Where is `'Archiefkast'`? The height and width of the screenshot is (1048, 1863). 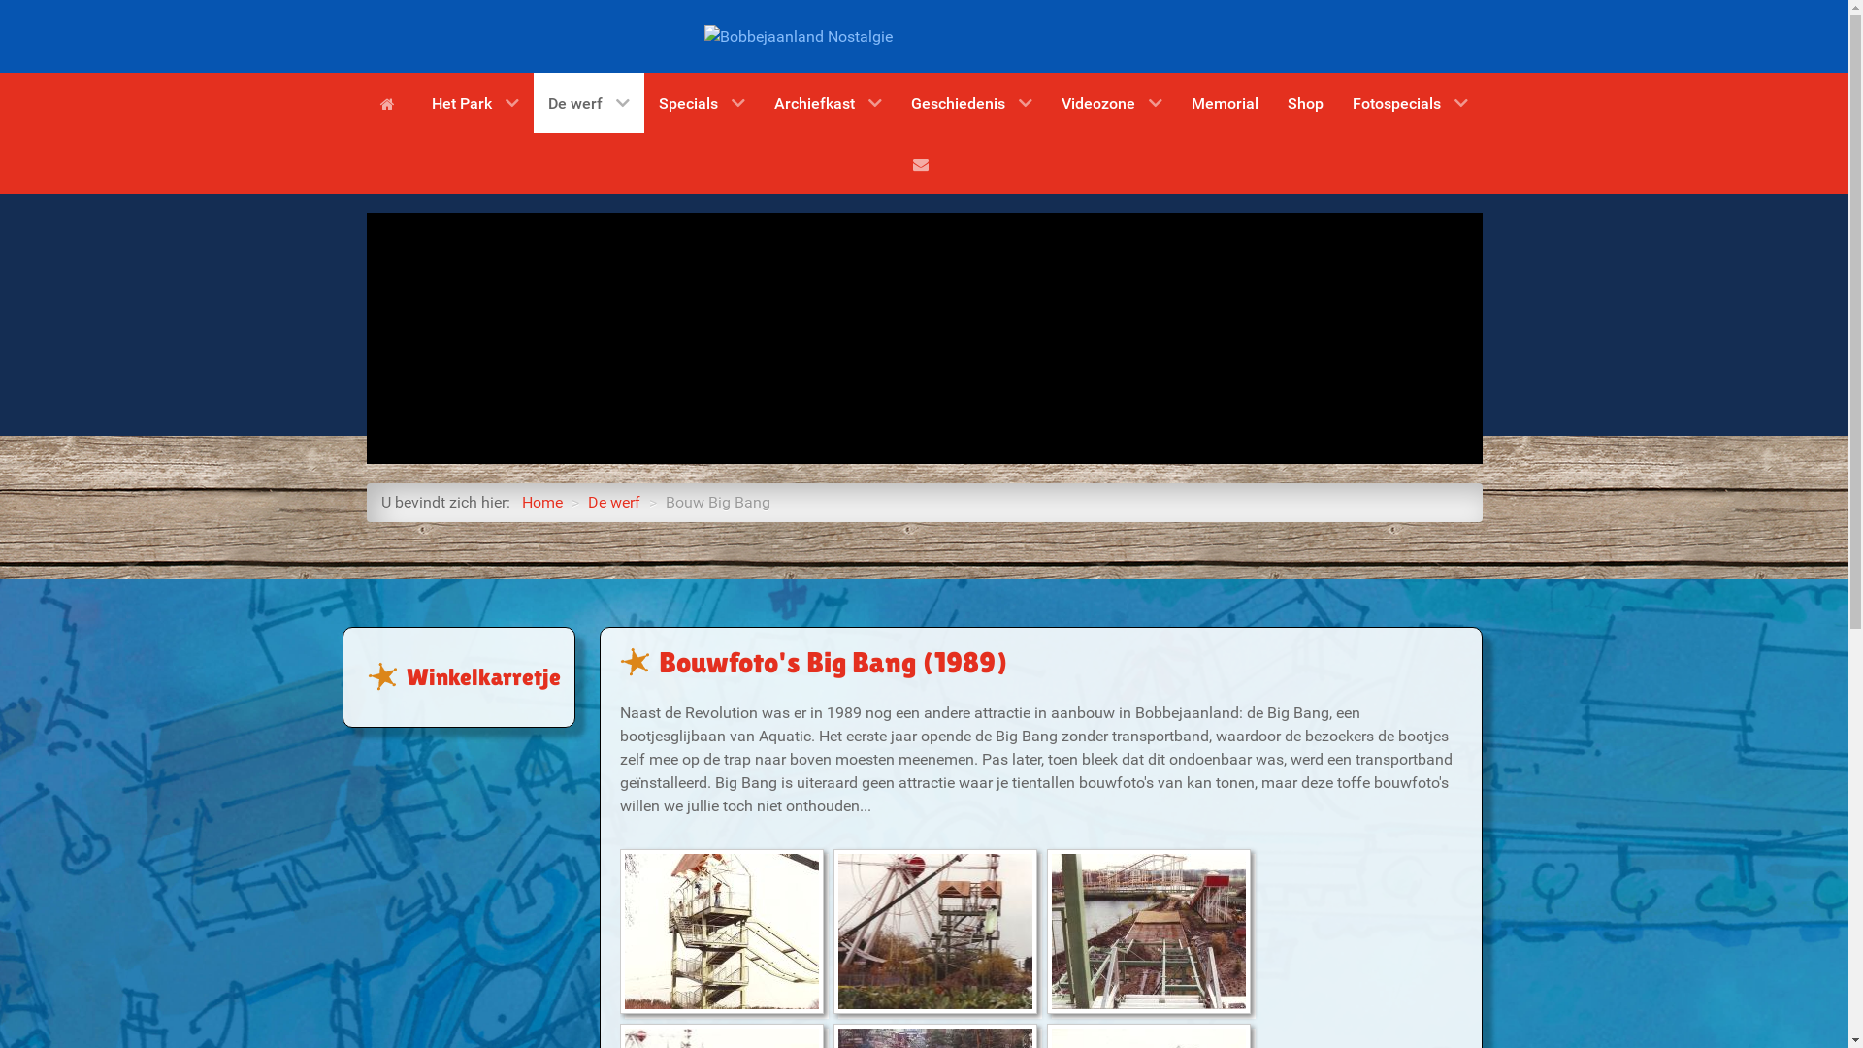
'Archiefkast' is located at coordinates (828, 102).